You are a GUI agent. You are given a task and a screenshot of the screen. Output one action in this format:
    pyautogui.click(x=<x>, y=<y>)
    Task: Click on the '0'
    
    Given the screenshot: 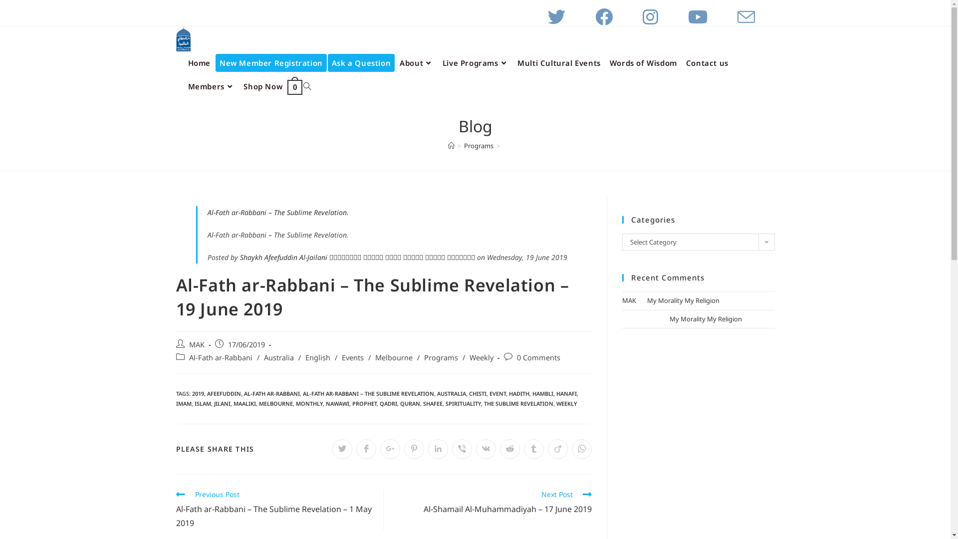 What is the action you would take?
    pyautogui.click(x=294, y=86)
    